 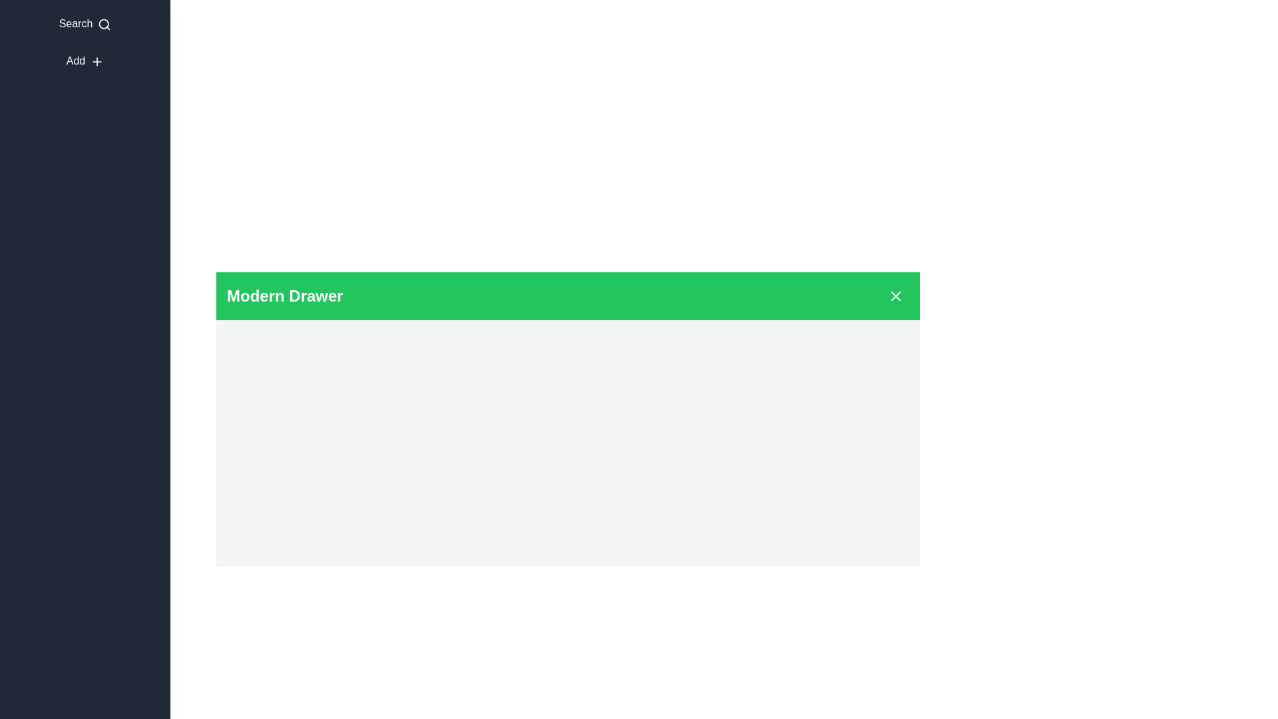 What do you see at coordinates (75, 23) in the screenshot?
I see `the text label that indicates the search functionality, located in the top-left corner of the interface within the vertical navigation bar, positioned to the left of the magnifying glass icon` at bounding box center [75, 23].